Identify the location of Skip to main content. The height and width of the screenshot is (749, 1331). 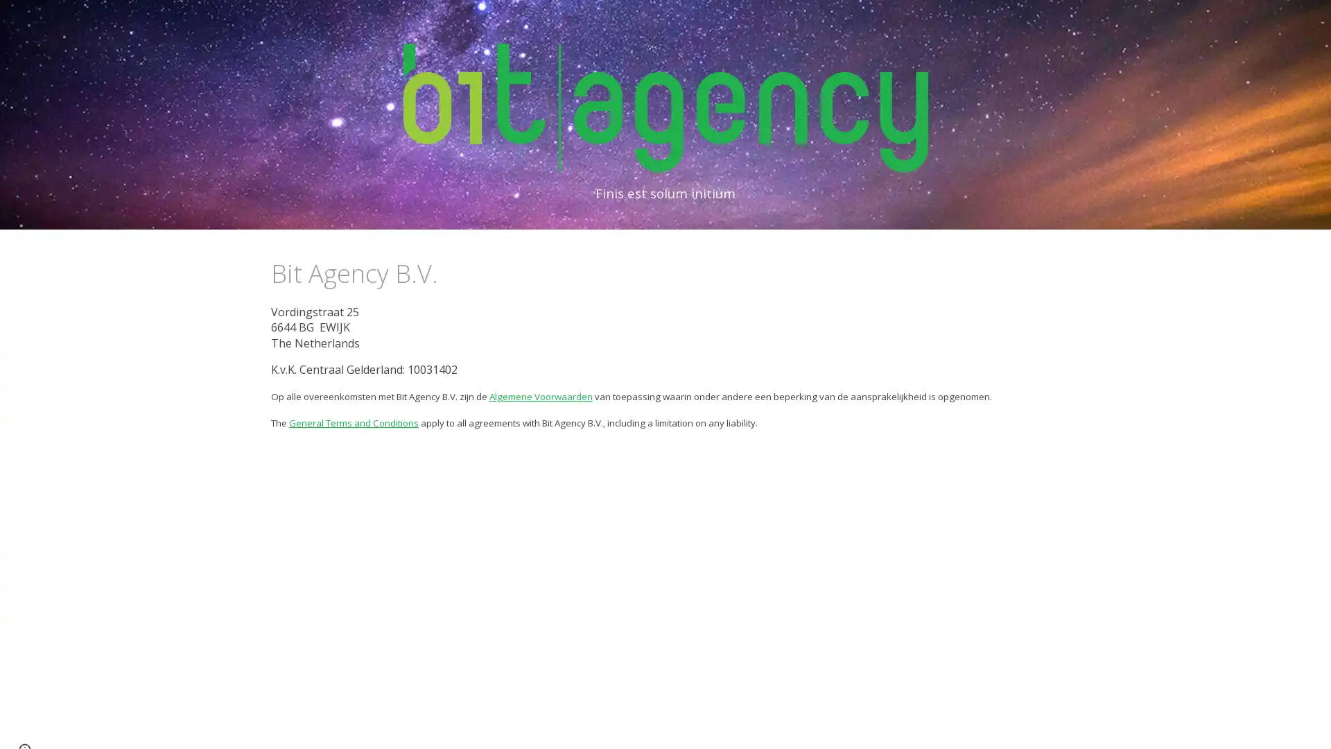
(546, 26).